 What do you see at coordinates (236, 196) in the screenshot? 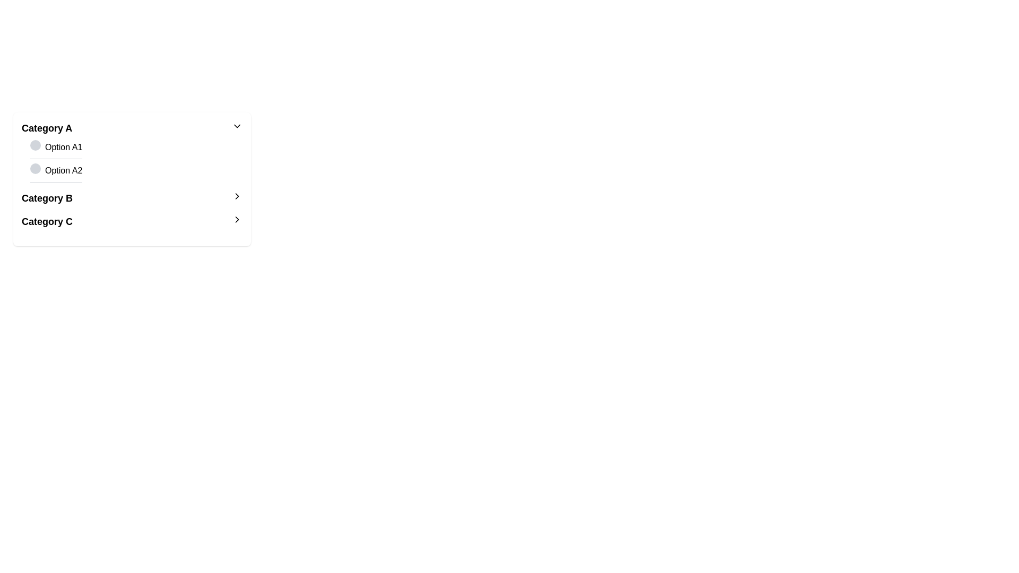
I see `the expandability icon adjacent to the 'Category B' text in the second list item to interact with it` at bounding box center [236, 196].